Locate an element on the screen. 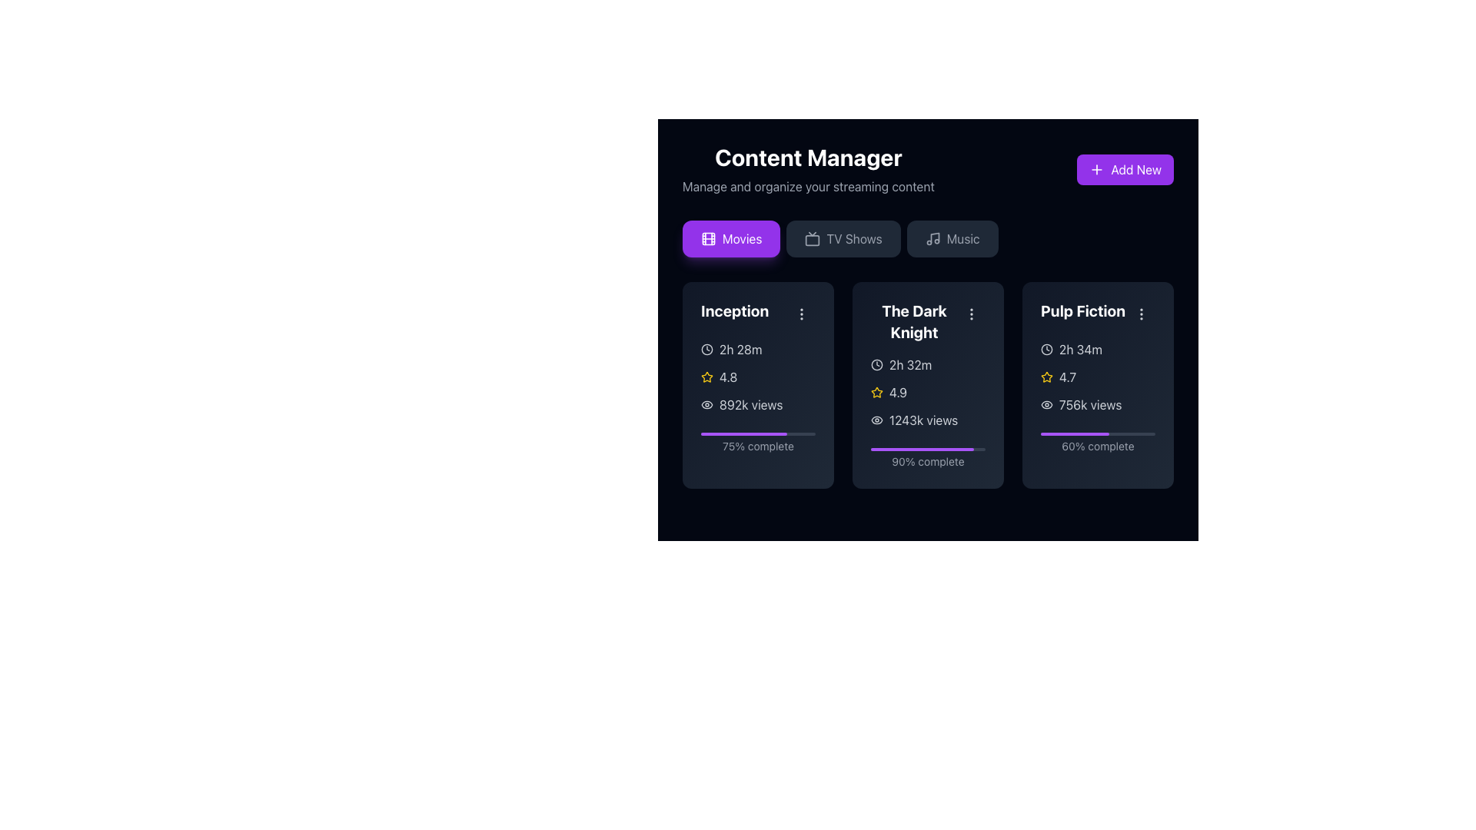  the progress bar fill indicating 60% completion for the 'Pulp Fiction' content is located at coordinates (1074, 433).